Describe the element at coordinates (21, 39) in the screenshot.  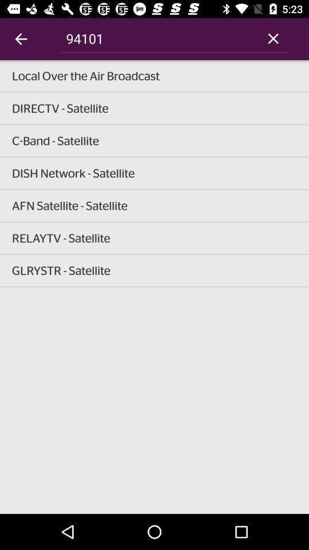
I see `icon next to 94101` at that location.